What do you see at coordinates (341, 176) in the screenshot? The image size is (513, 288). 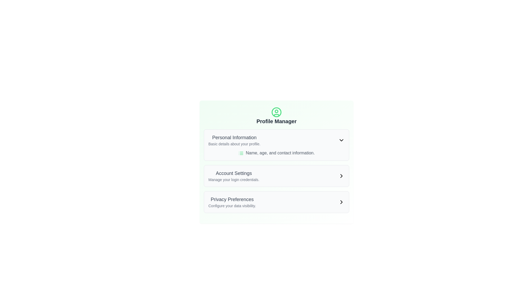 I see `the chevron icon pointing to the right, which is the rightmost component in the 'Account Settings' section` at bounding box center [341, 176].